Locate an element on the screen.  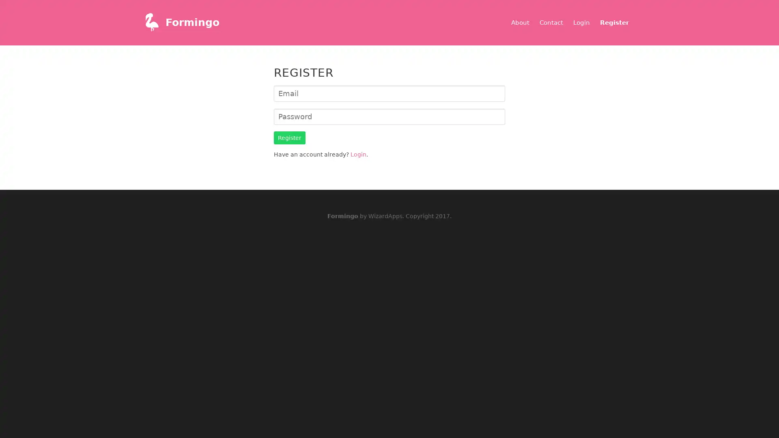
Register is located at coordinates (290, 137).